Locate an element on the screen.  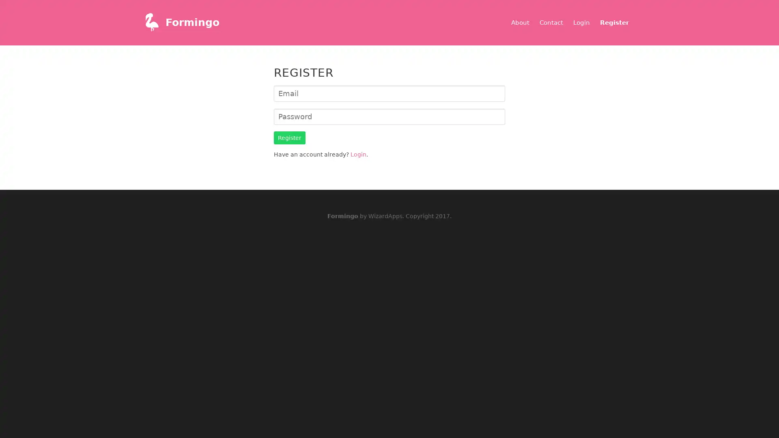
Register is located at coordinates (290, 137).